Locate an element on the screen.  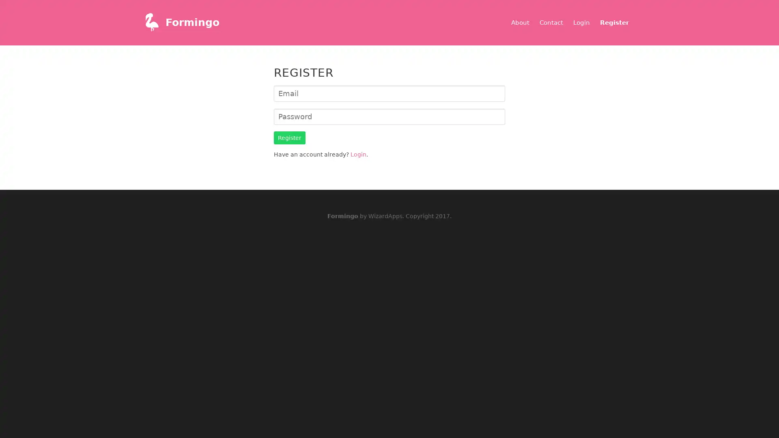
Register is located at coordinates (290, 137).